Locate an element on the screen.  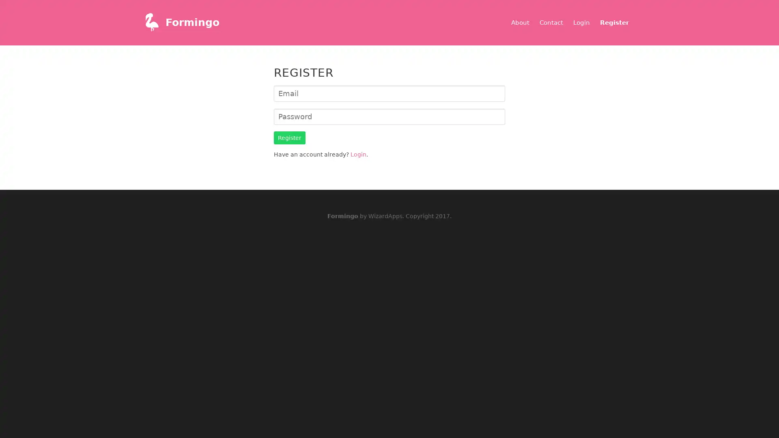
Register is located at coordinates (290, 137).